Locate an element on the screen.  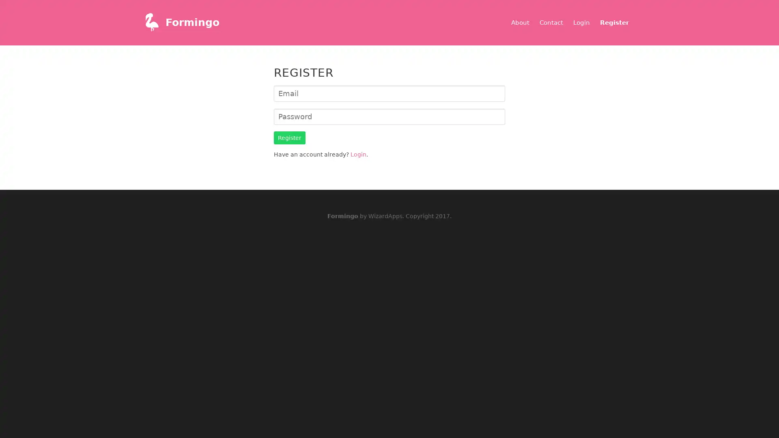
Register is located at coordinates (290, 137).